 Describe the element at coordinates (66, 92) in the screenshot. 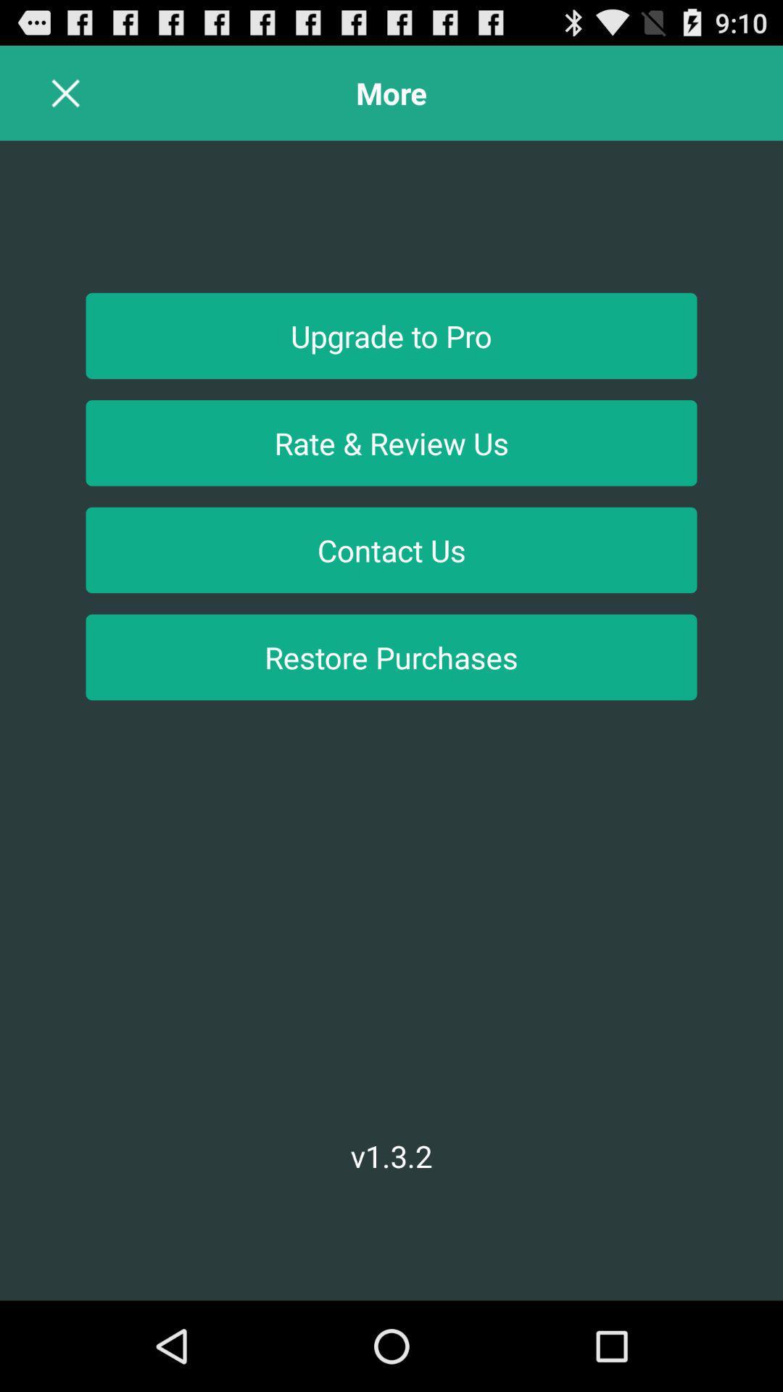

I see `icon at the top left corner` at that location.